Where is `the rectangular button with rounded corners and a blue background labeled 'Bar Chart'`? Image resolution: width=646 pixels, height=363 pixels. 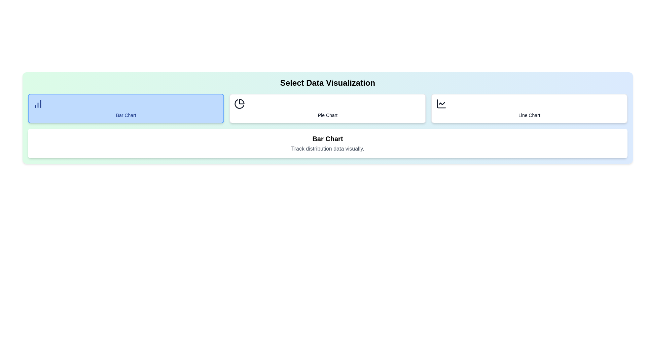
the rectangular button with rounded corners and a blue background labeled 'Bar Chart' is located at coordinates (126, 108).